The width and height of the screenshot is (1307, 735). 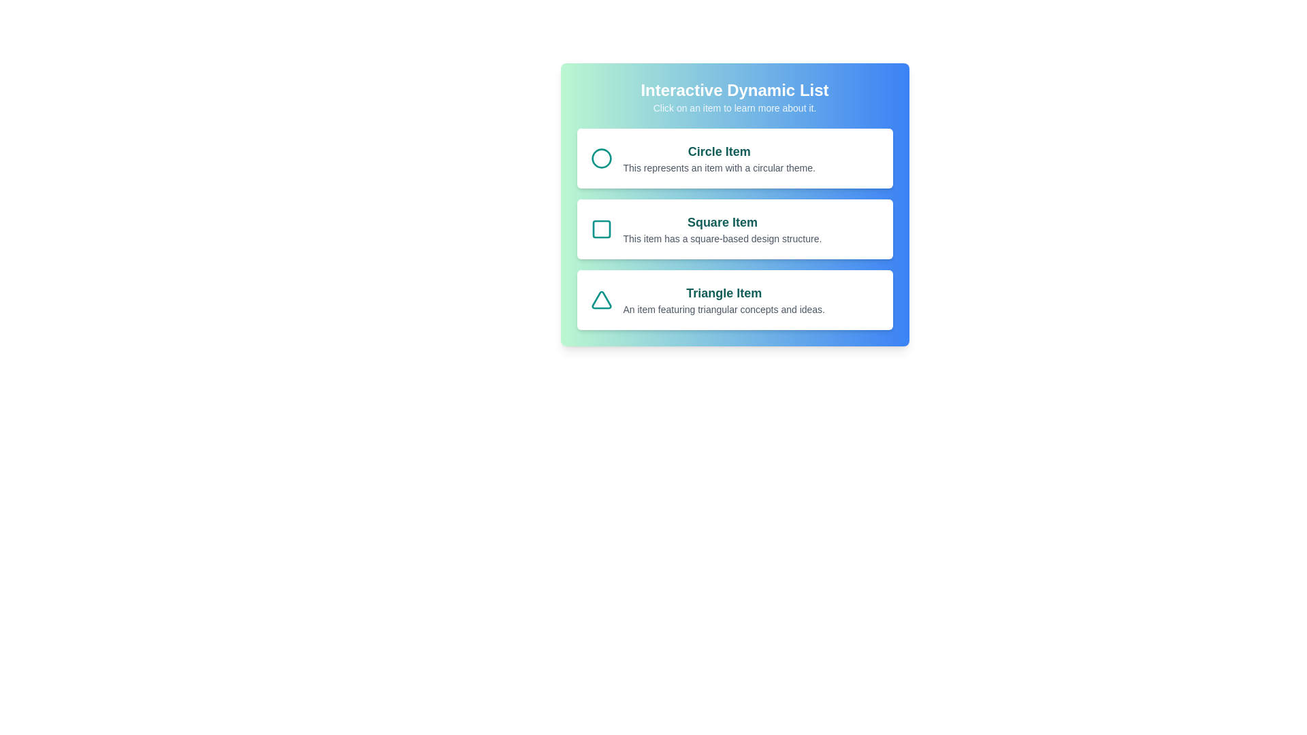 What do you see at coordinates (734, 90) in the screenshot?
I see `the main header text 'Interactive Dynamic List' to interact with the title` at bounding box center [734, 90].